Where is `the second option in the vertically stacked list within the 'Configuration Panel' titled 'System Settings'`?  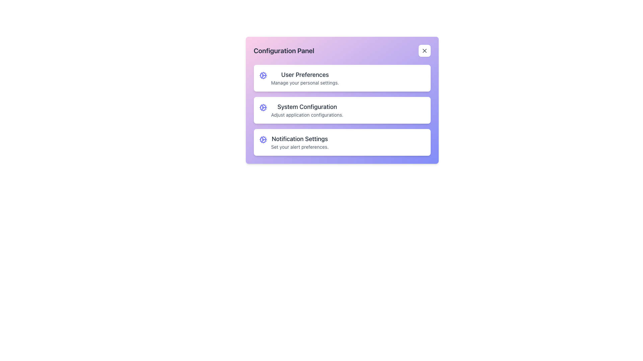 the second option in the vertically stacked list within the 'Configuration Panel' titled 'System Settings' is located at coordinates (342, 110).